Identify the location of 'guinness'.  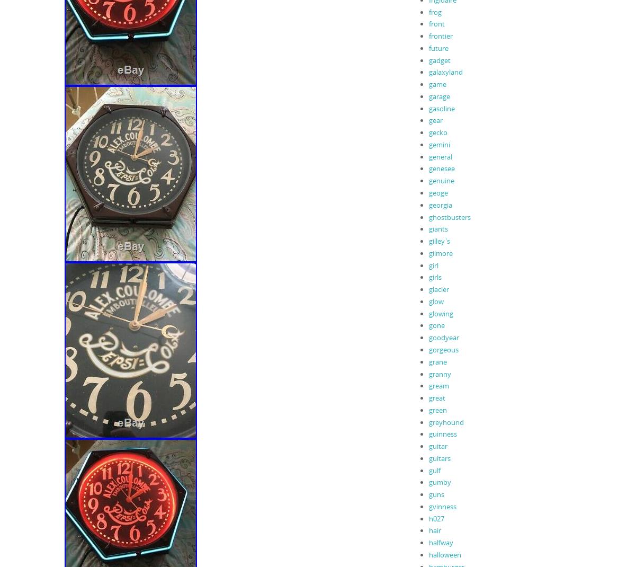
(428, 433).